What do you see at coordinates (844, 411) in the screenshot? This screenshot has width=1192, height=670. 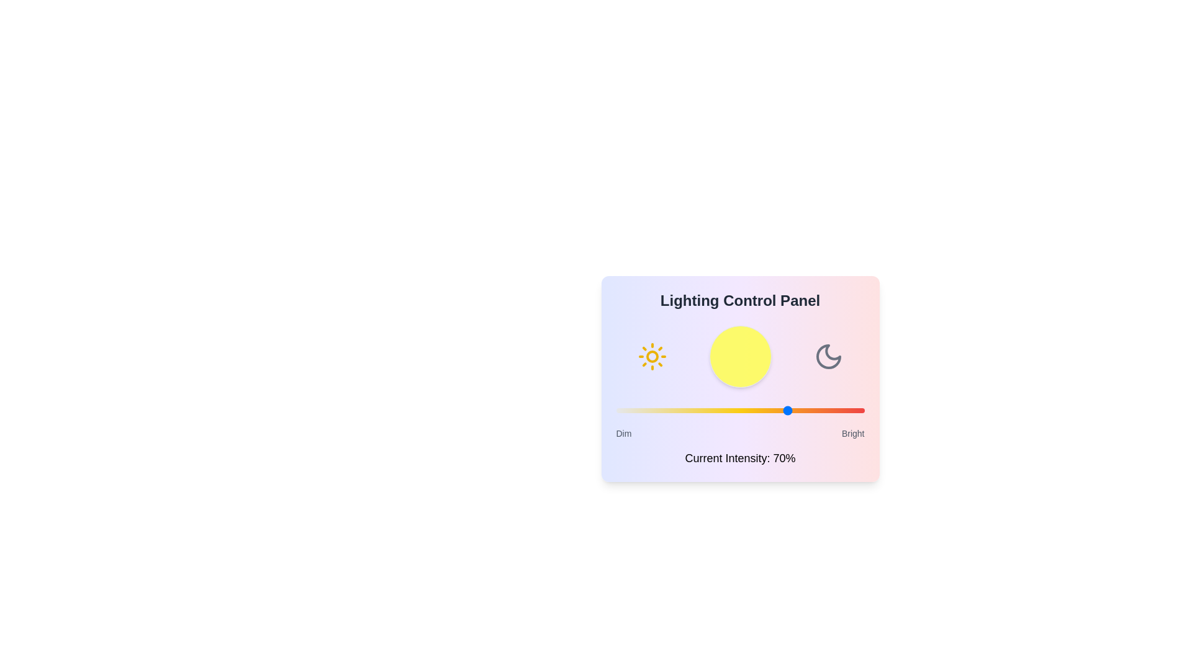 I see `the lighting intensity to 92% by dragging the slider` at bounding box center [844, 411].